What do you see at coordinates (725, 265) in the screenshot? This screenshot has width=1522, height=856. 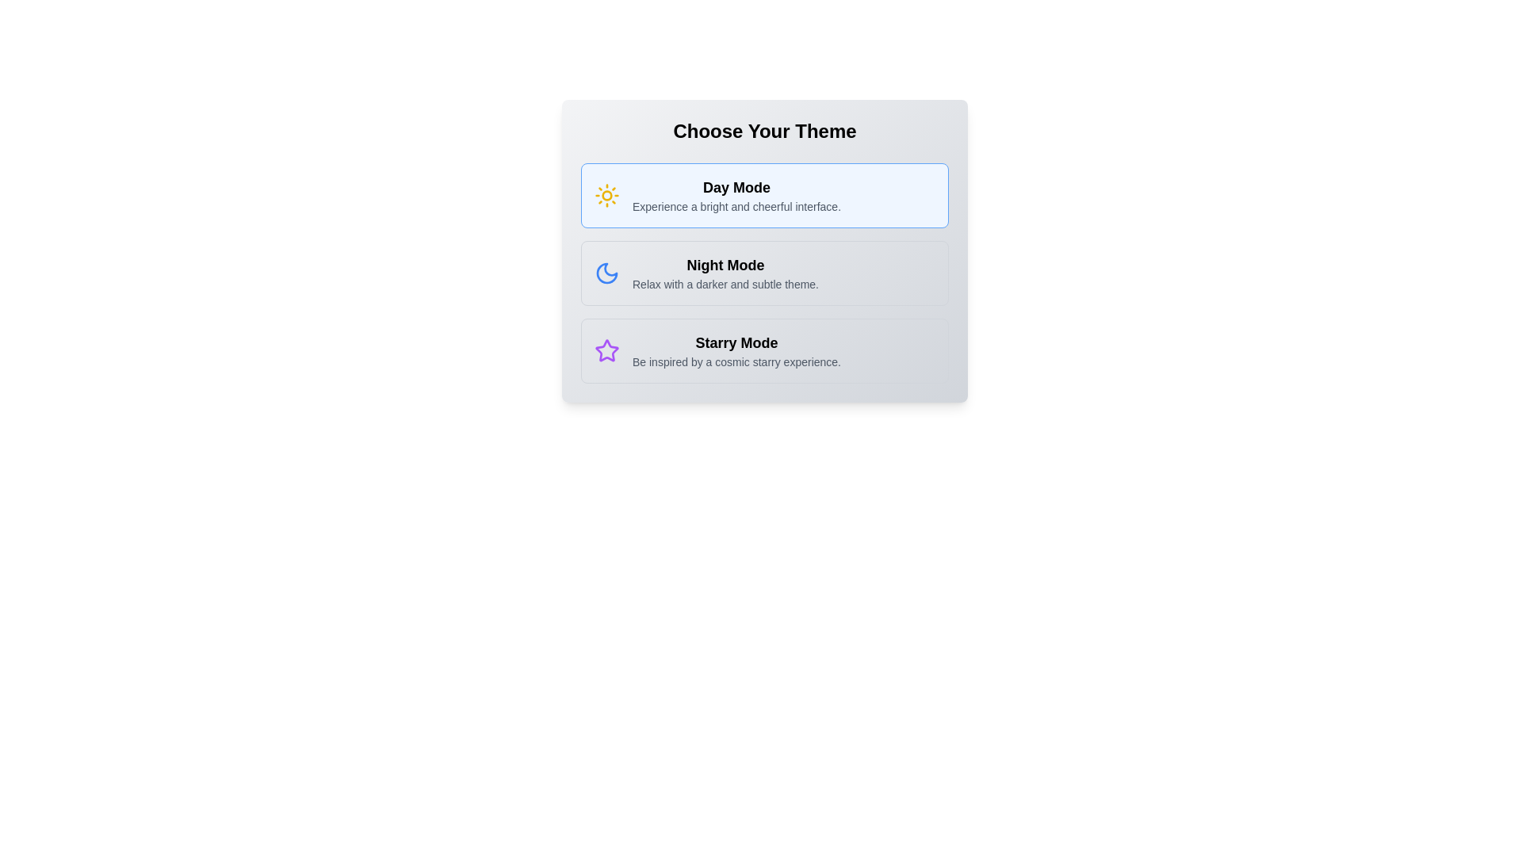 I see `the text label that states 'Night Mode', which is styled in bold and a larger font, positioned between 'Day Mode' and descriptive text about the theme` at bounding box center [725, 265].